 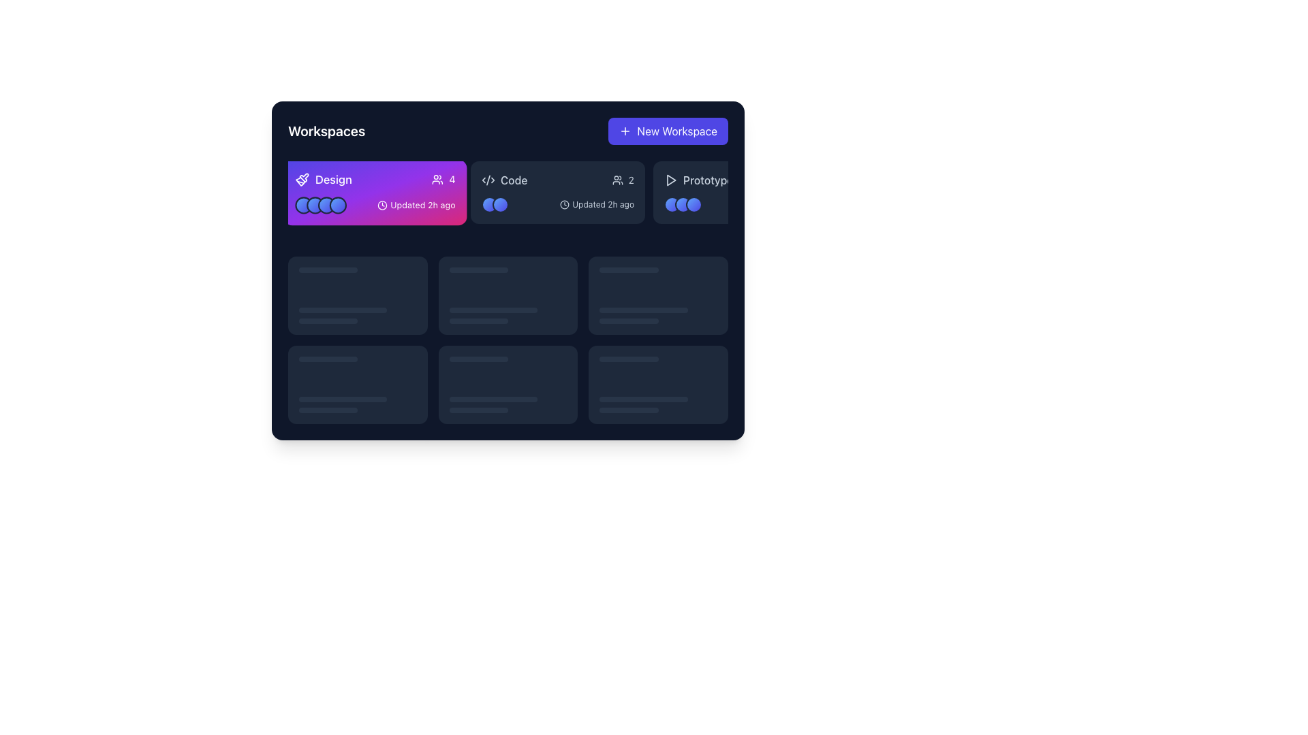 I want to click on the 'Design' workspace label located at the top-left of the interface, which serves as a title for the workspace, so click(x=323, y=179).